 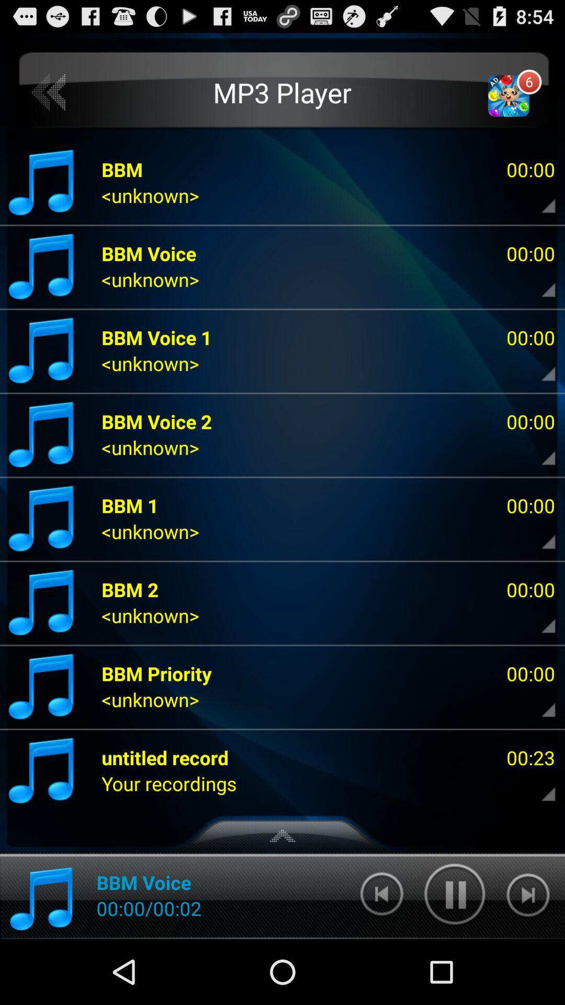 I want to click on item to the left of the mp3 player app, so click(x=49, y=93).